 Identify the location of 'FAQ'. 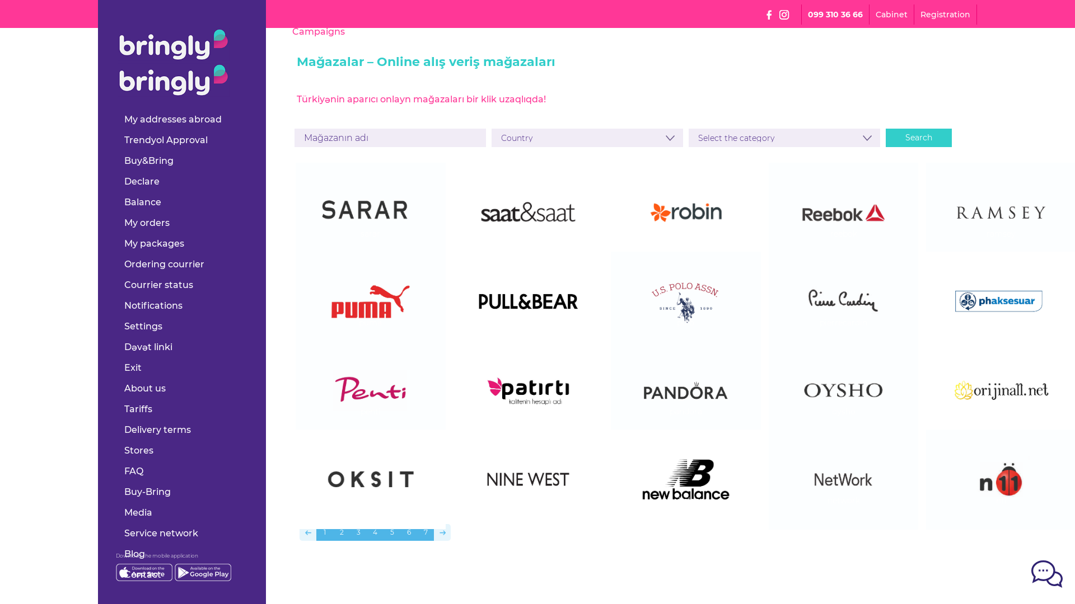
(134, 471).